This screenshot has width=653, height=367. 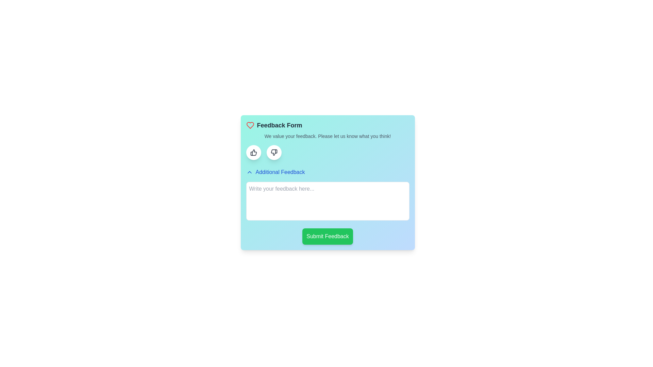 What do you see at coordinates (250, 125) in the screenshot?
I see `the 'like' icon located near the top-left part of the feedback form, adjacent to the text 'Feedback Form'` at bounding box center [250, 125].